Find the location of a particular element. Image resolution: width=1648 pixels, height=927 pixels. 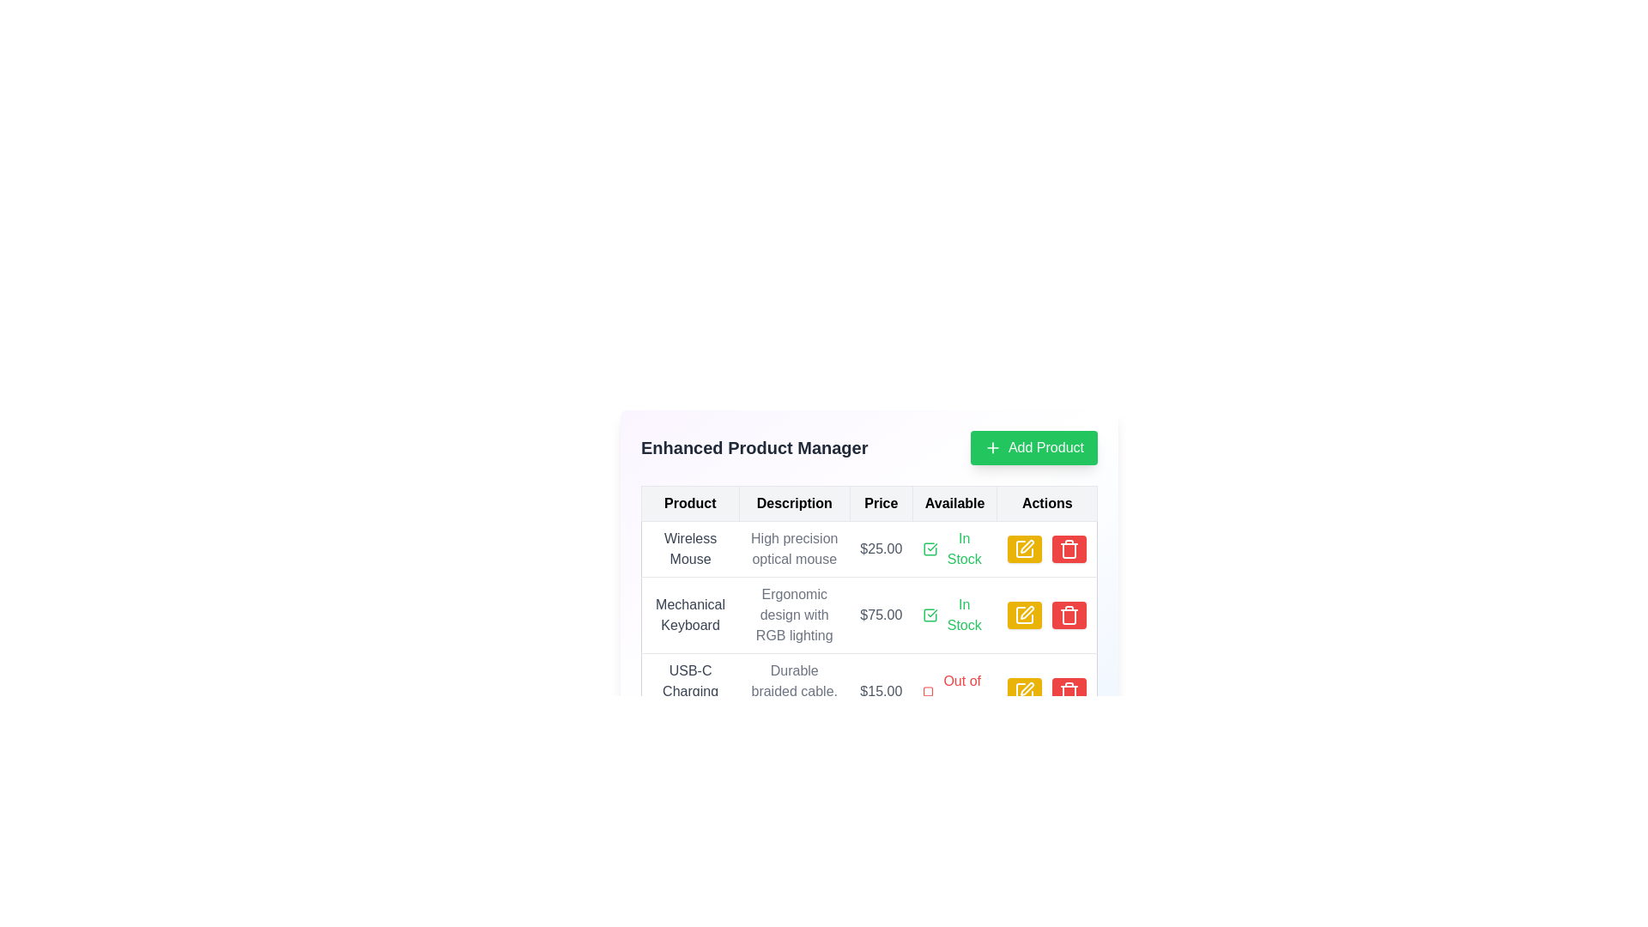

the Table Header Row element that has a light gray background and contains the titles 'Product', 'Description', 'Price', 'Available', and 'Actions' is located at coordinates (869, 502).